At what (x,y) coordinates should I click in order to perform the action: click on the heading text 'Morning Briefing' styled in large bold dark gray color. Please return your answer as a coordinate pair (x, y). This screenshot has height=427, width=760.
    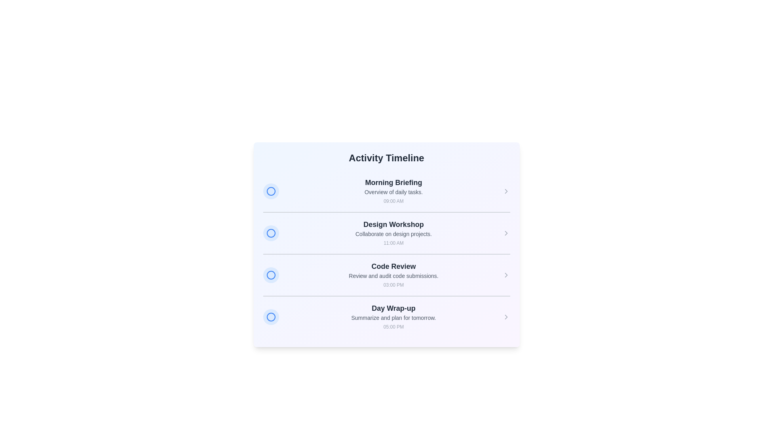
    Looking at the image, I should click on (393, 183).